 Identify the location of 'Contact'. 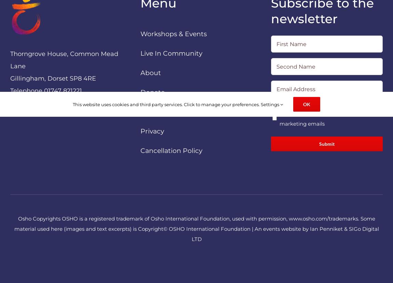
(153, 112).